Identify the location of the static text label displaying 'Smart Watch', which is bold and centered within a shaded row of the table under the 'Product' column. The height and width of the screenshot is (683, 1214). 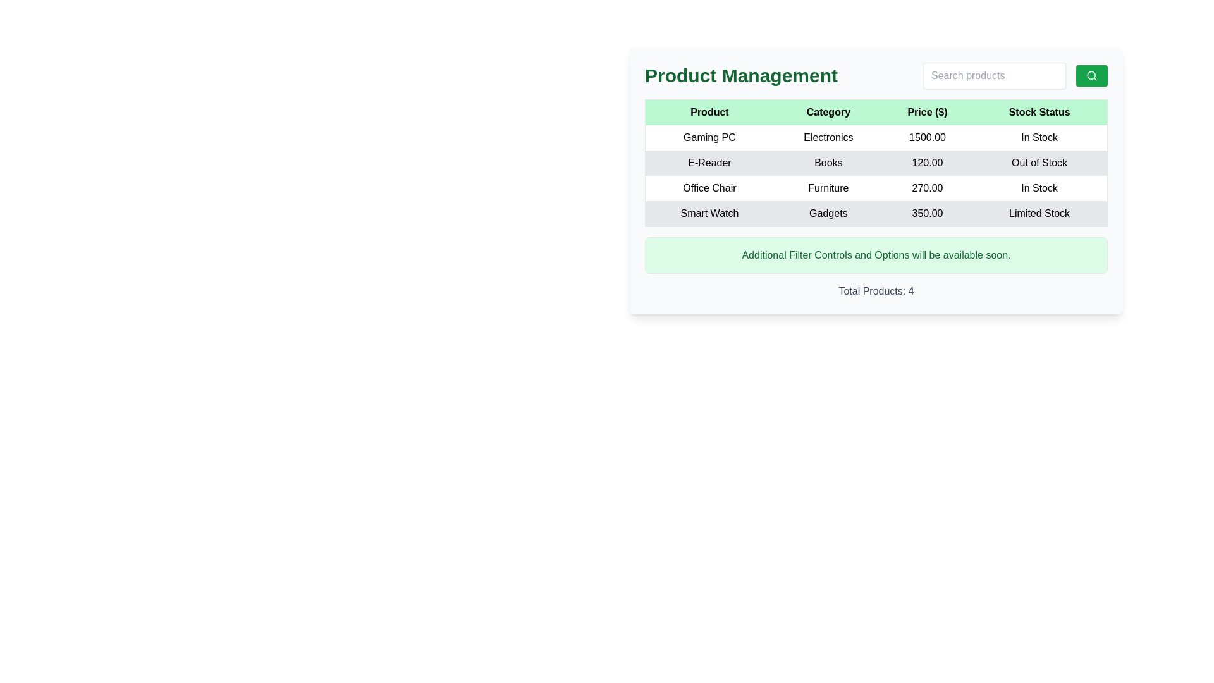
(709, 213).